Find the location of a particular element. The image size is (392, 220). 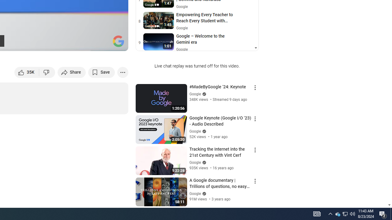

'Theater mode (t)' is located at coordinates (102, 43).